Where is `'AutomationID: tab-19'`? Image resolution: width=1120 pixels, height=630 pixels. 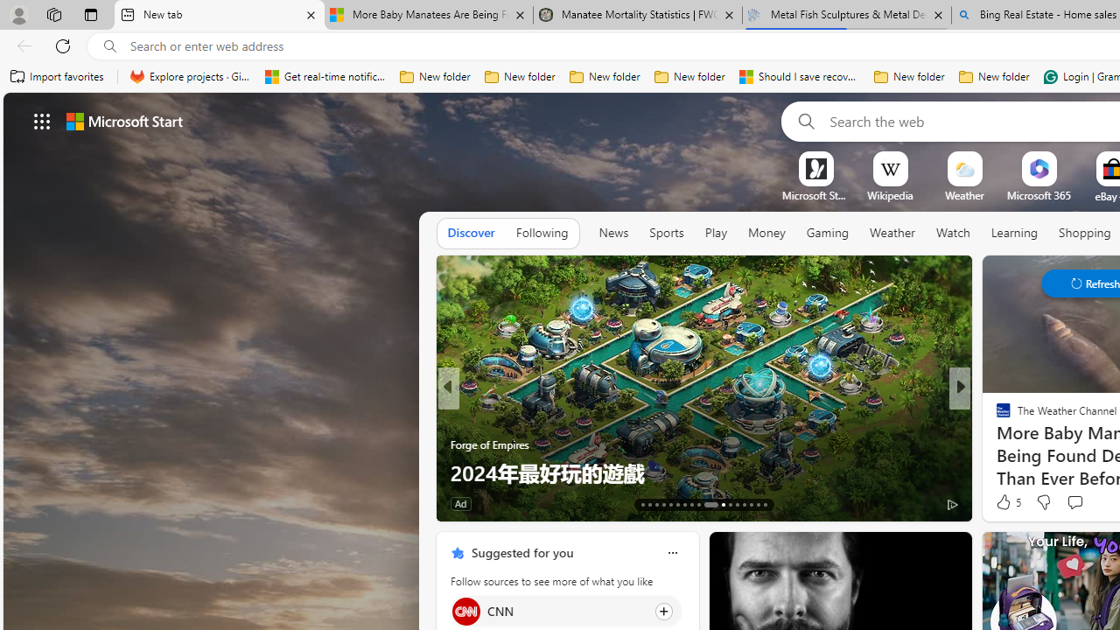
'AutomationID: tab-19' is located at coordinates (683, 505).